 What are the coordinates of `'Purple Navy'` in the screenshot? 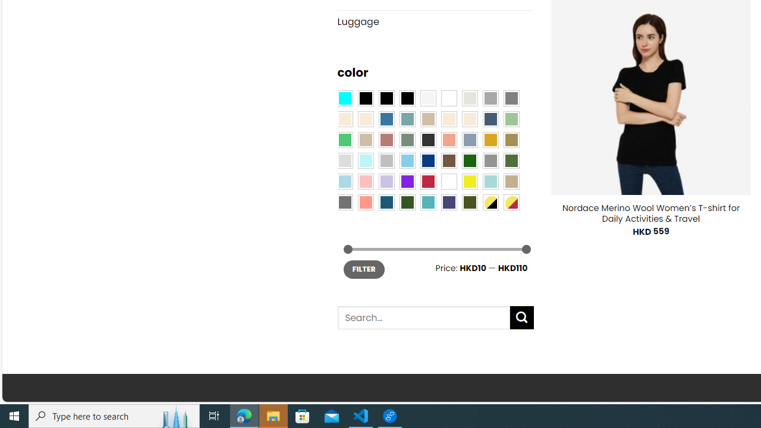 It's located at (448, 201).